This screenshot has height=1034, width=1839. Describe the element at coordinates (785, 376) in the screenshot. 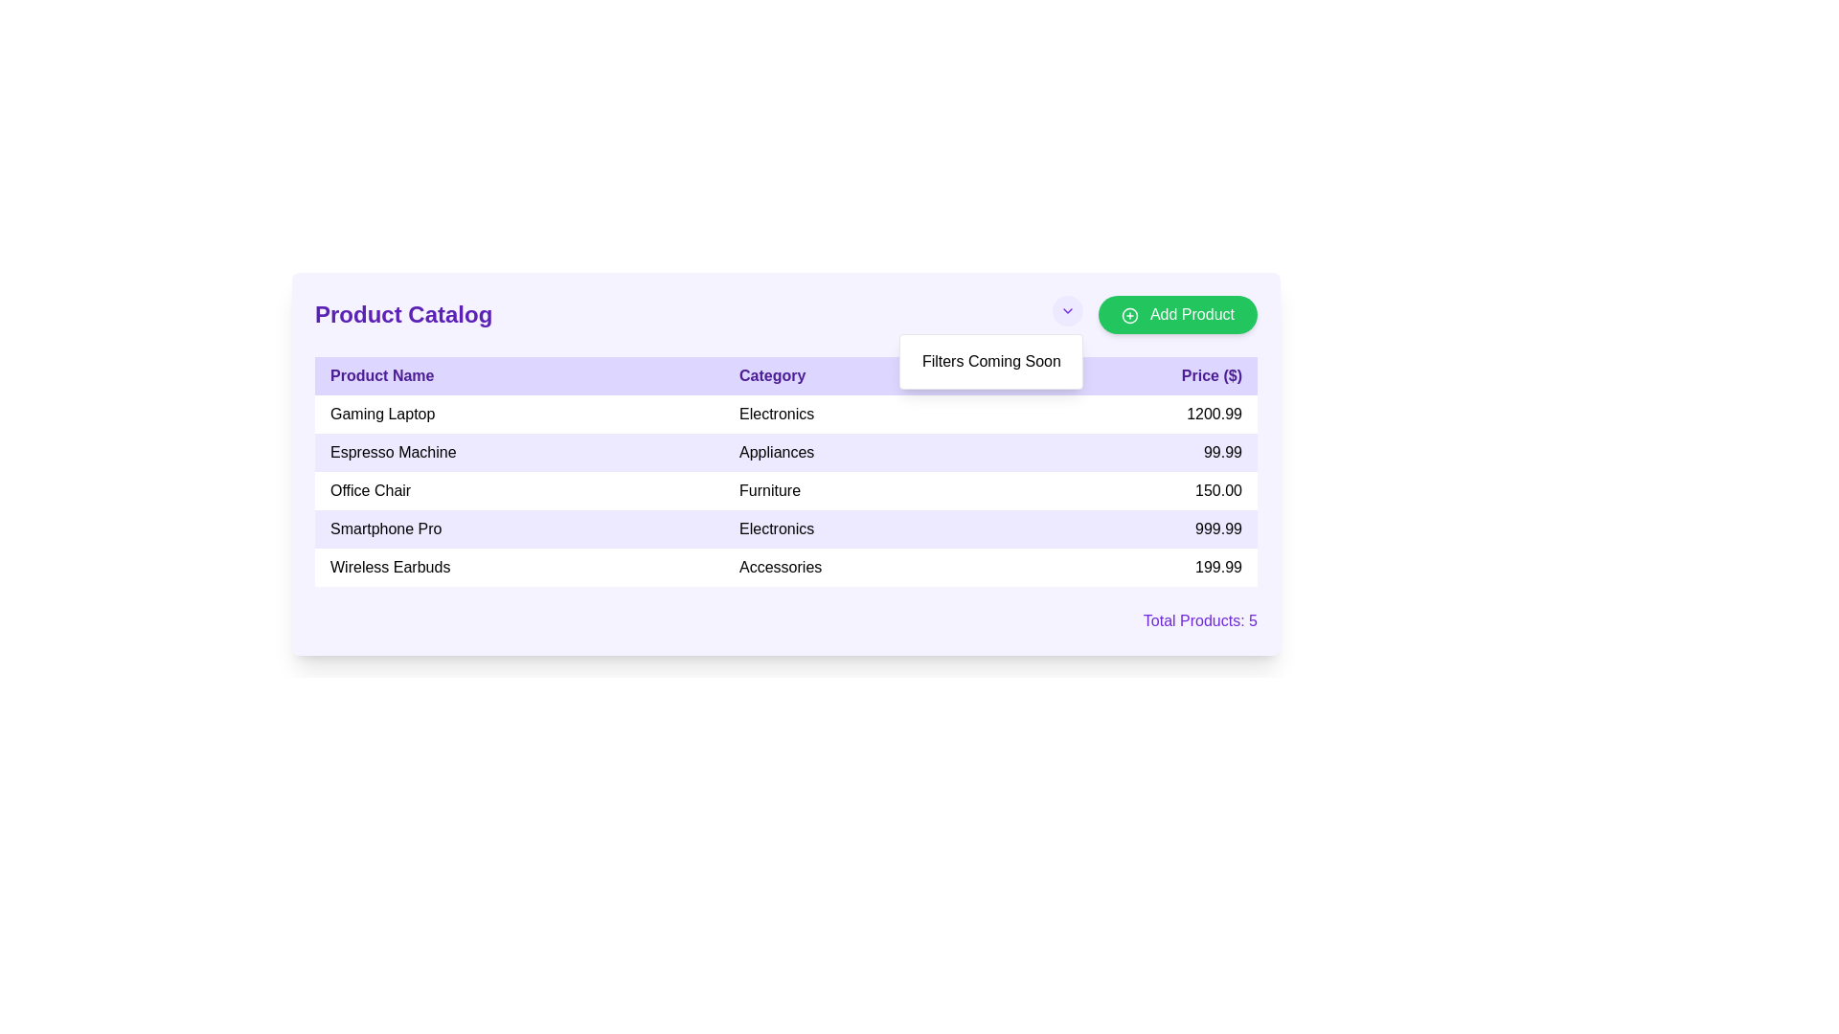

I see `the column header in the table header row to sort the table data` at that location.